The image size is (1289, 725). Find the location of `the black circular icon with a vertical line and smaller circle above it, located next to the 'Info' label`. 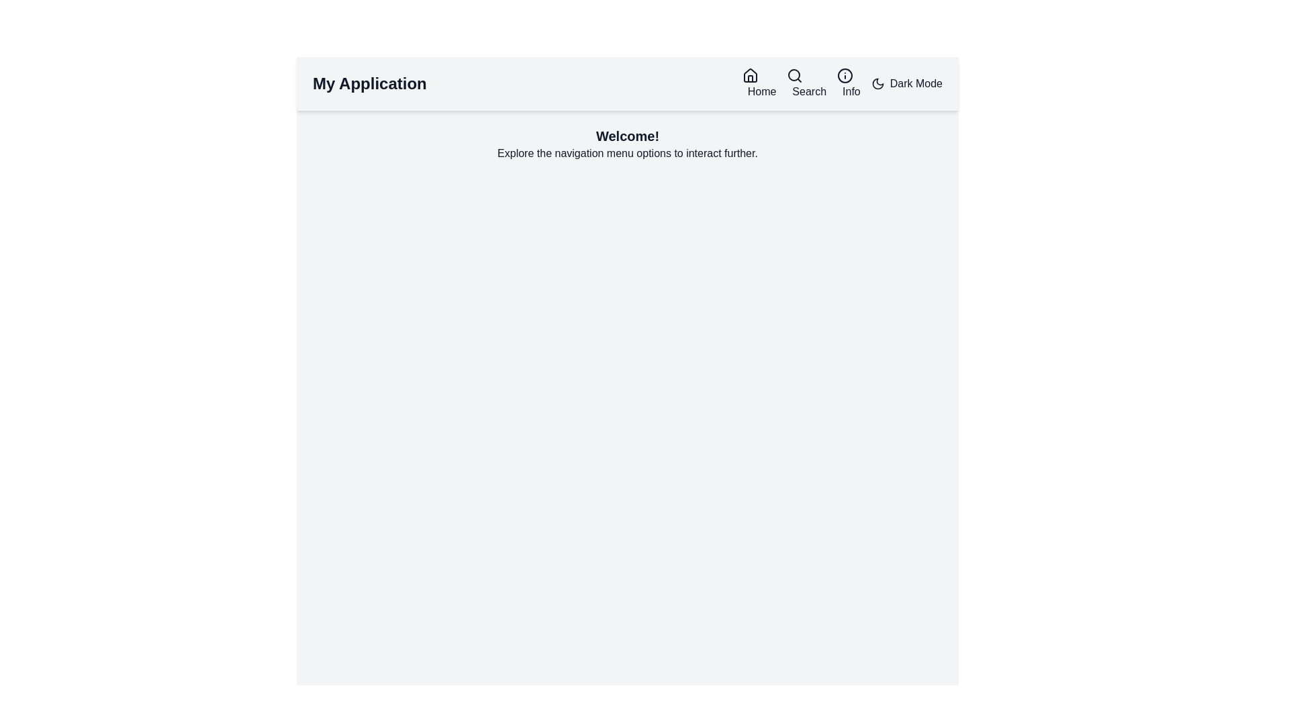

the black circular icon with a vertical line and smaller circle above it, located next to the 'Info' label is located at coordinates (845, 75).